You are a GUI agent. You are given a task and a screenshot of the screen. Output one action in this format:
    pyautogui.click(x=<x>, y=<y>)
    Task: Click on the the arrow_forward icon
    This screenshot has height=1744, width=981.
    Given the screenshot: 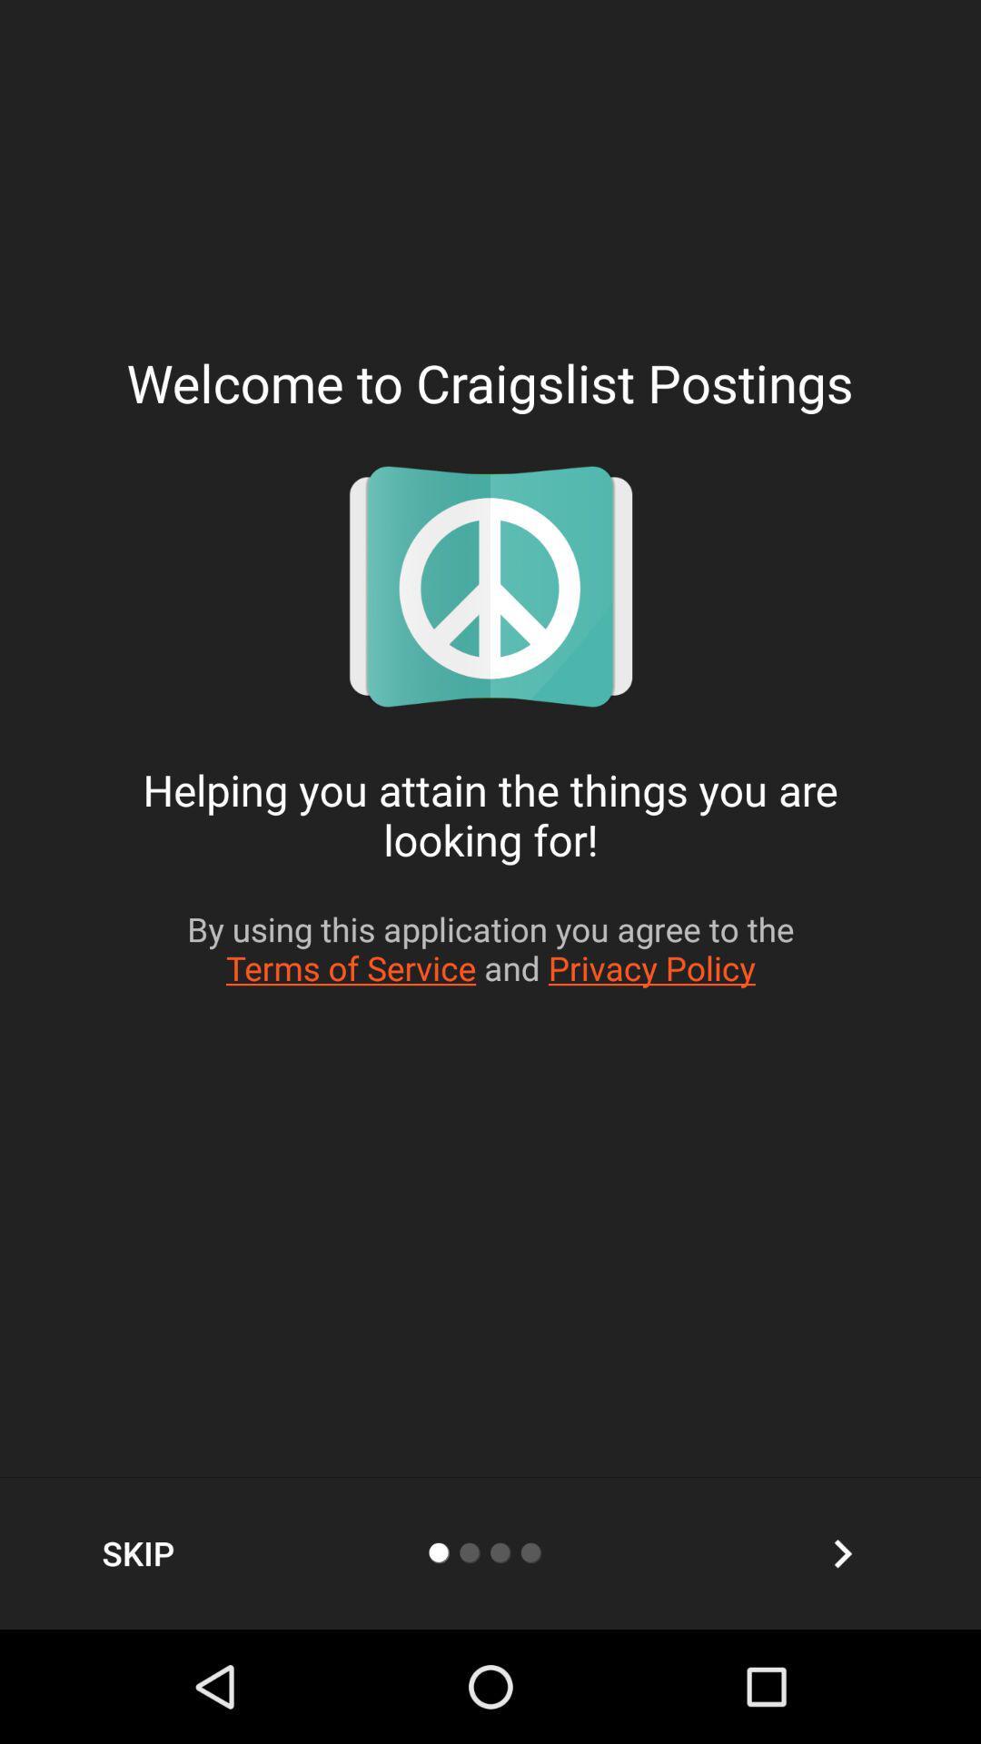 What is the action you would take?
    pyautogui.click(x=842, y=1552)
    